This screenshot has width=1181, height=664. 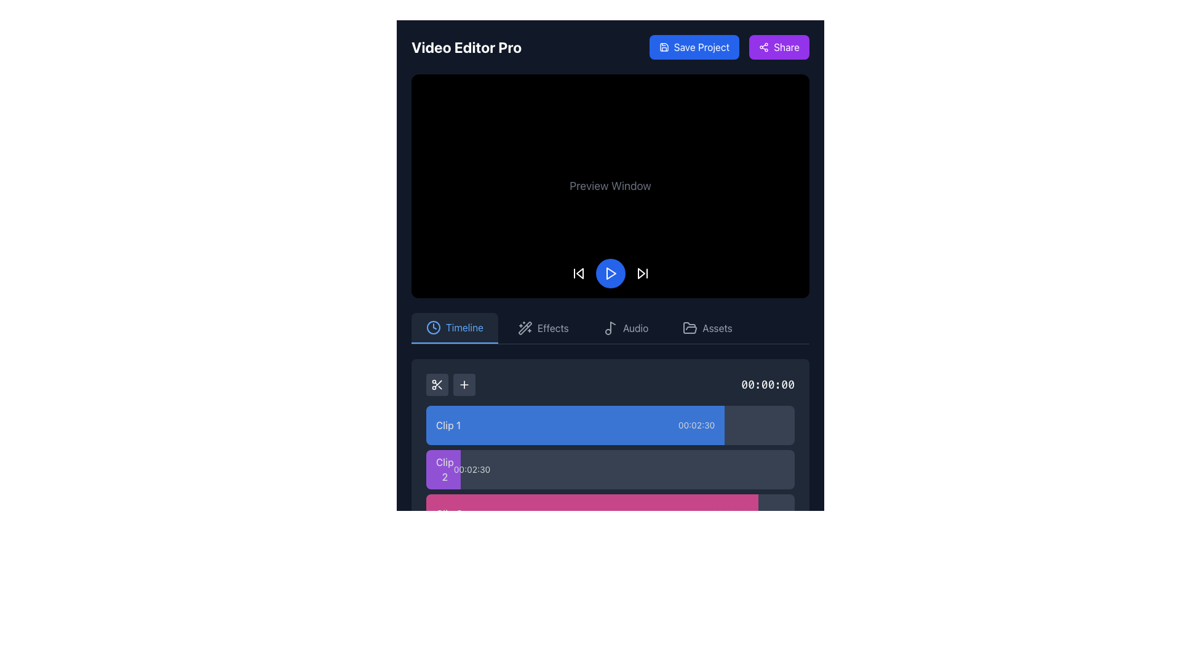 I want to click on the 'Audio' tab located in the navigation bar, which allows users to manage audio elements in the application, so click(x=610, y=328).